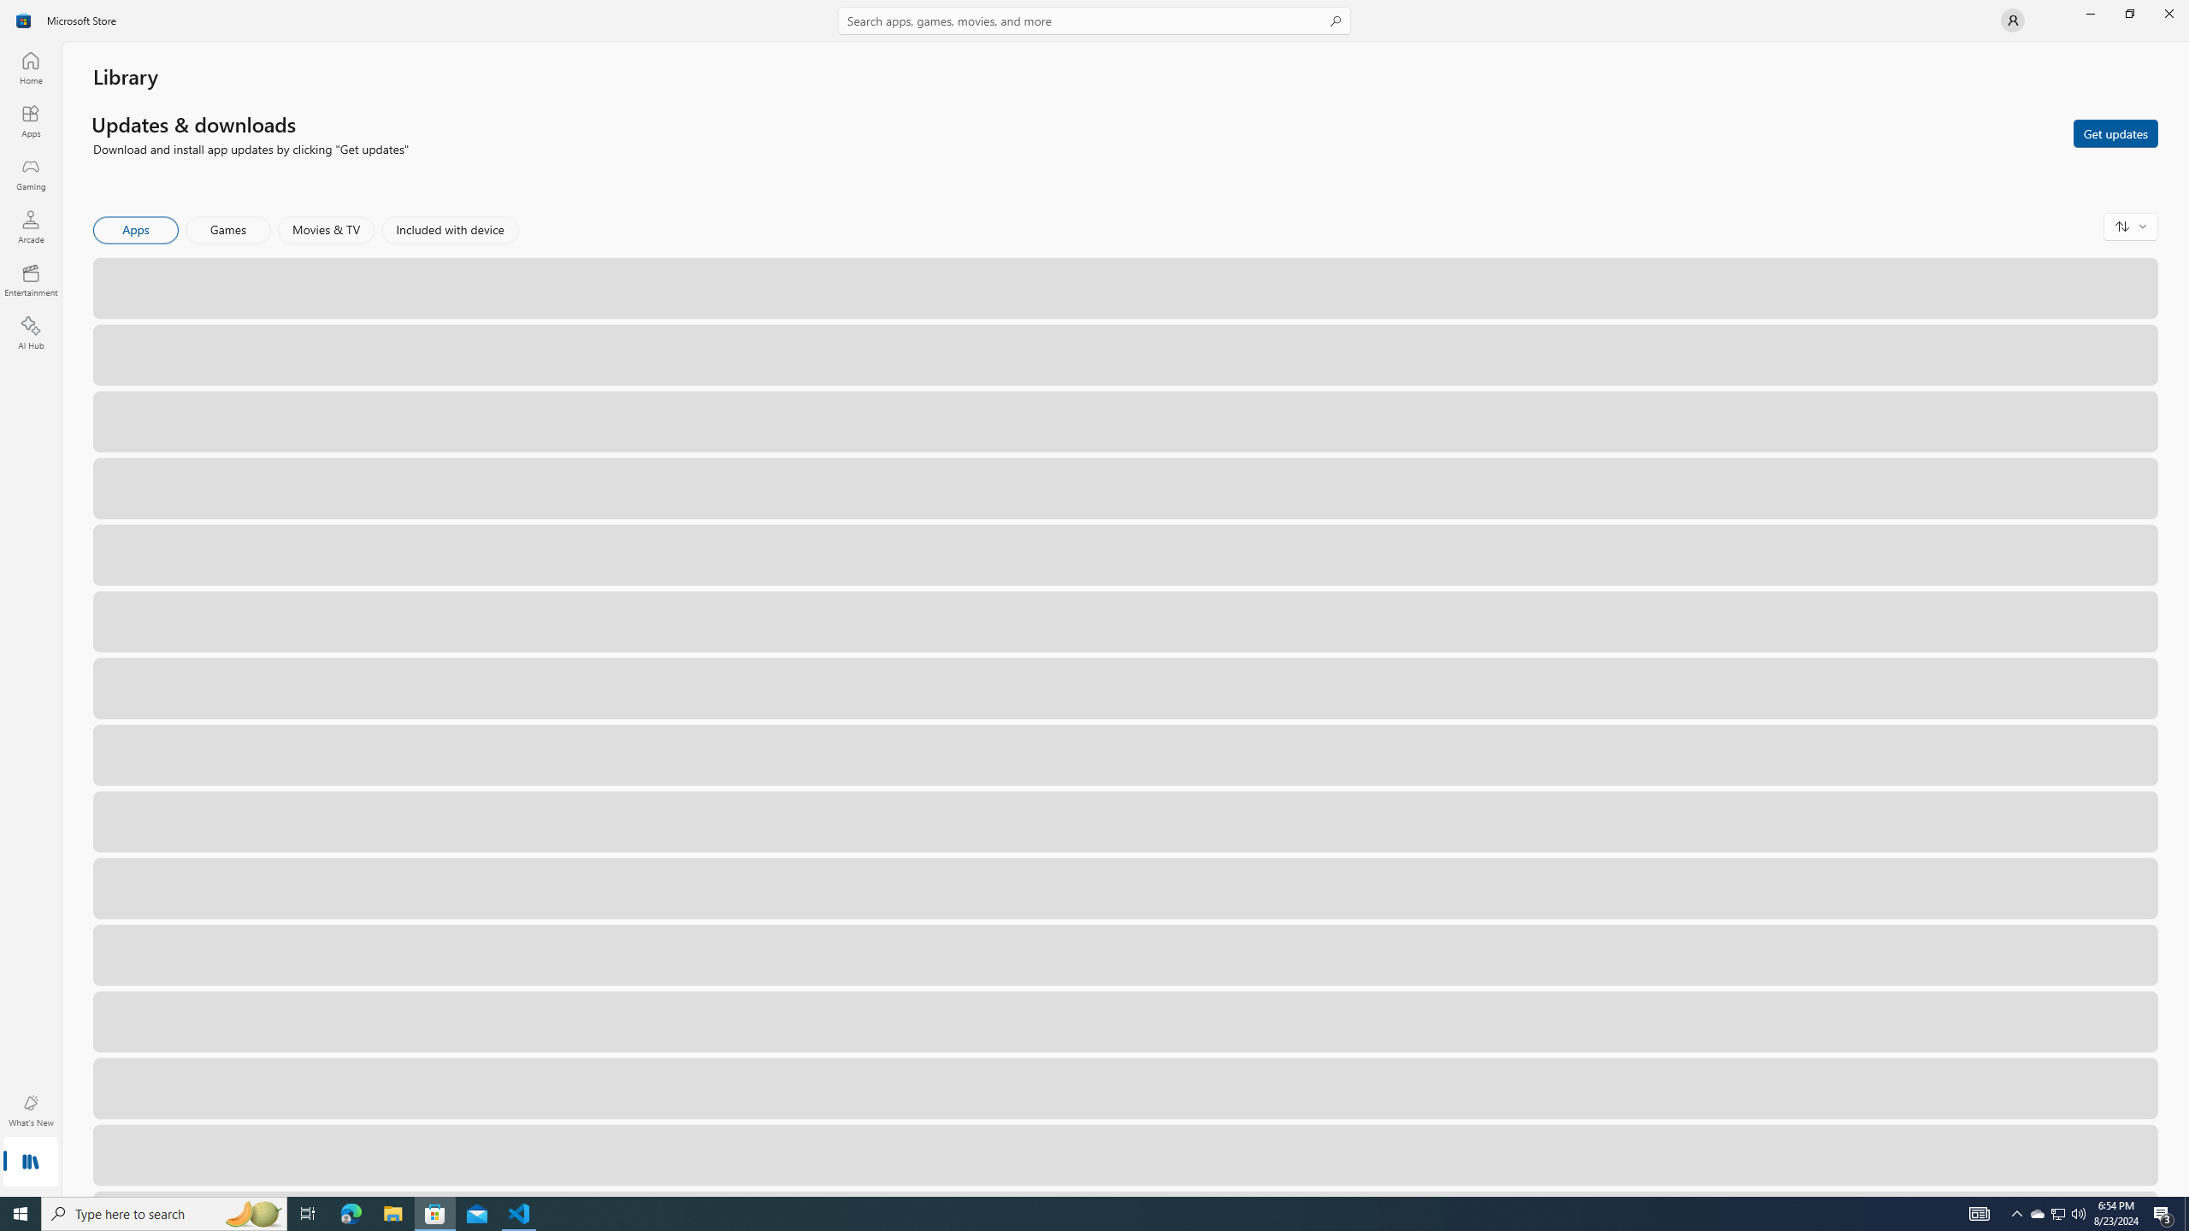 The width and height of the screenshot is (2189, 1231). I want to click on 'Class: Image', so click(24, 19).